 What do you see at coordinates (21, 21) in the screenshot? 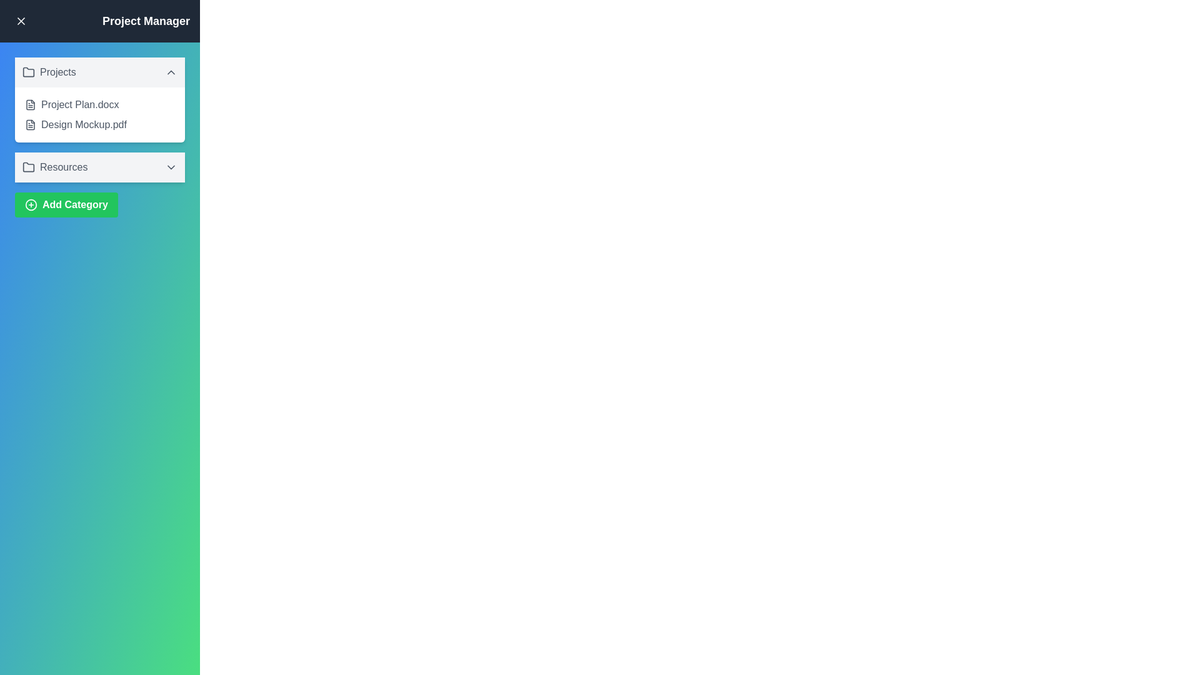
I see `the close button in the top-left corner of the sidebar` at bounding box center [21, 21].